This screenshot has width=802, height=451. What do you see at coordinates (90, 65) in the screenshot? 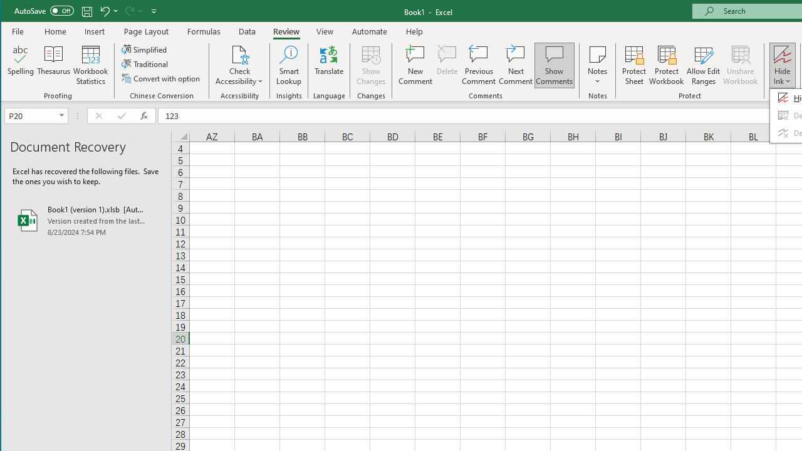
I see `'Workbook Statistics'` at bounding box center [90, 65].